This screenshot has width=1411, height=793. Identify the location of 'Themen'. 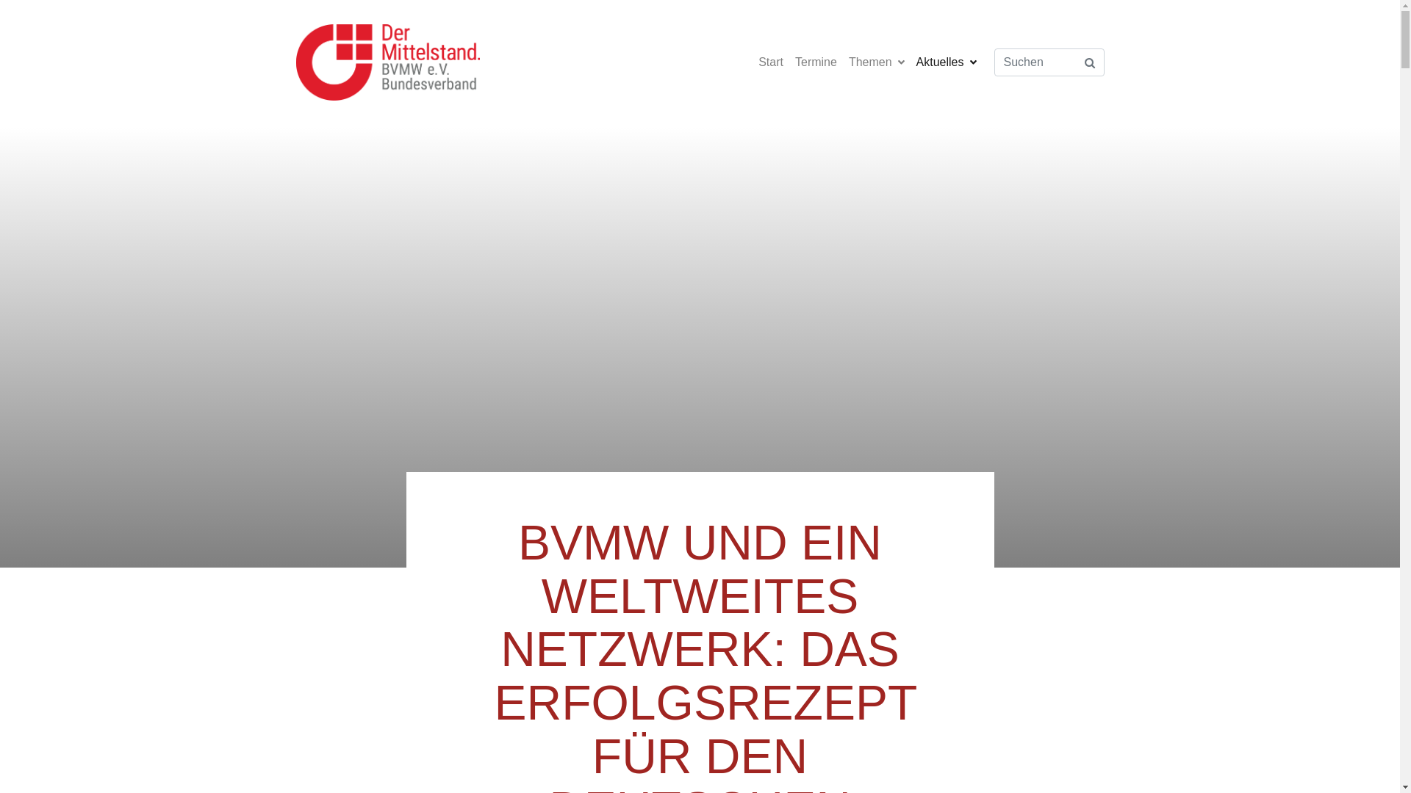
(877, 61).